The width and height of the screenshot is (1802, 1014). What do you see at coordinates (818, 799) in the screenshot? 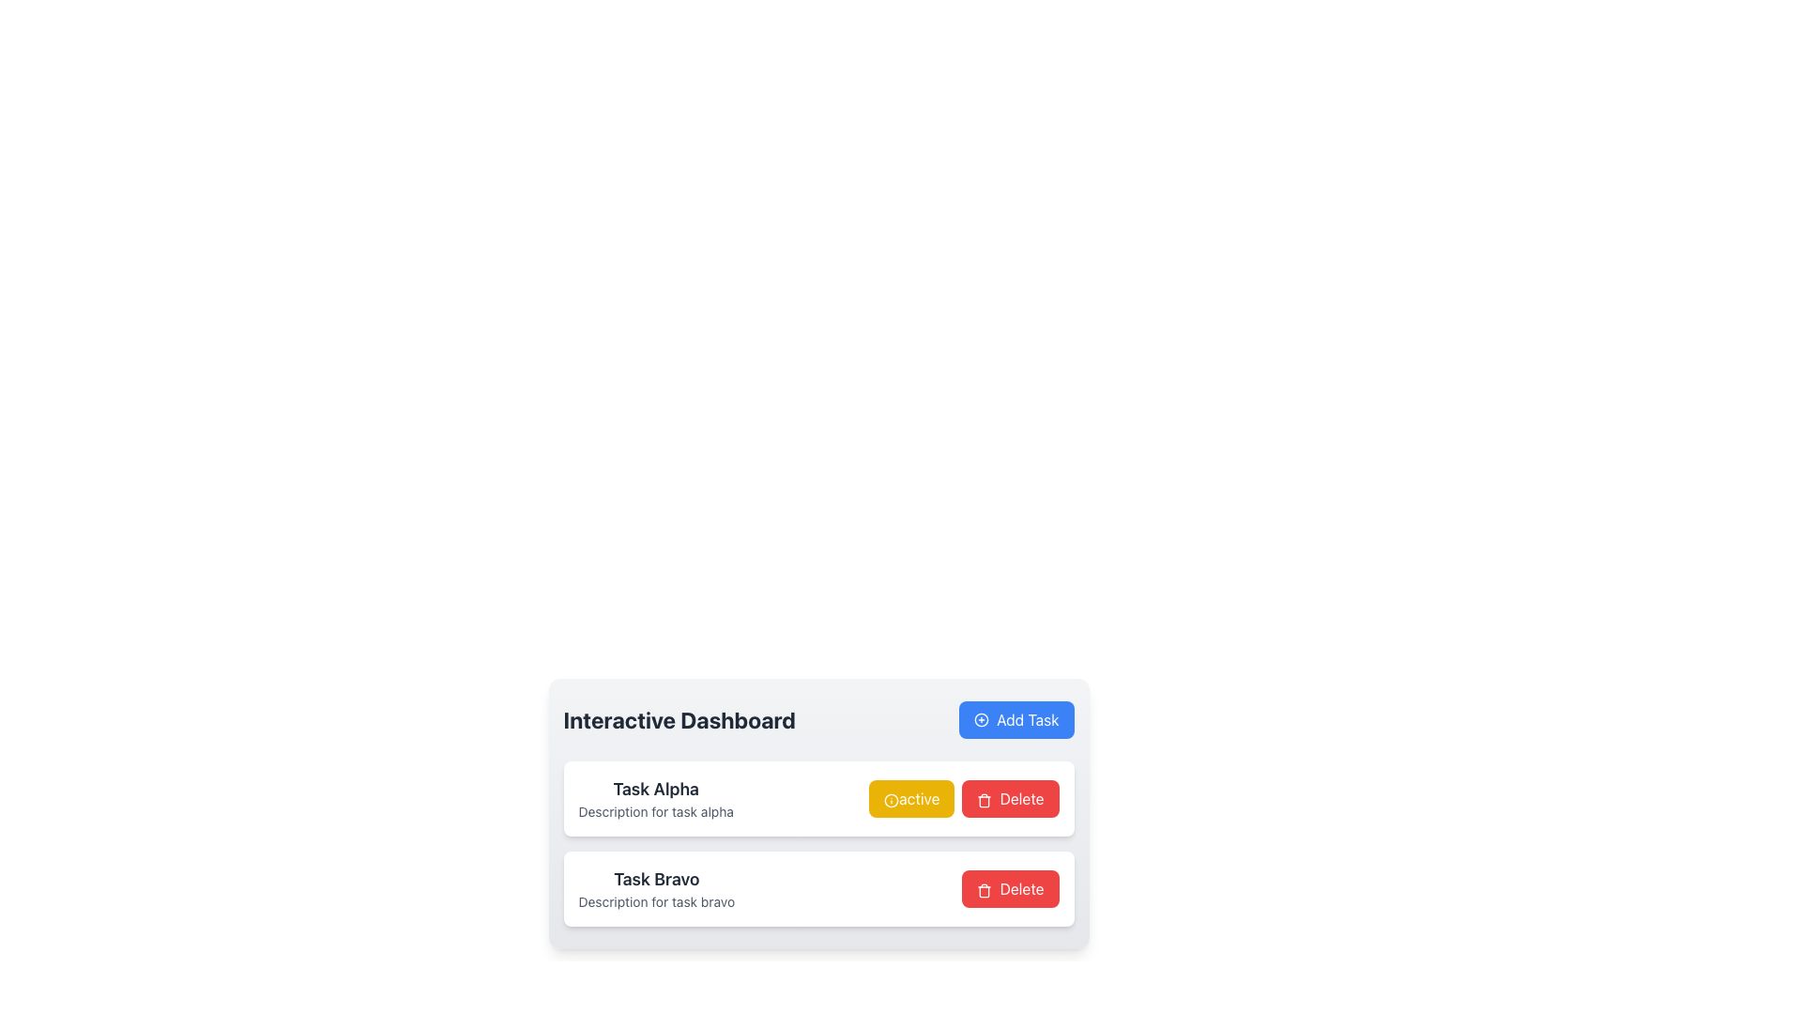
I see `the active button on the first task entry in the Interactive Dashboard to mark or modify the task status` at bounding box center [818, 799].